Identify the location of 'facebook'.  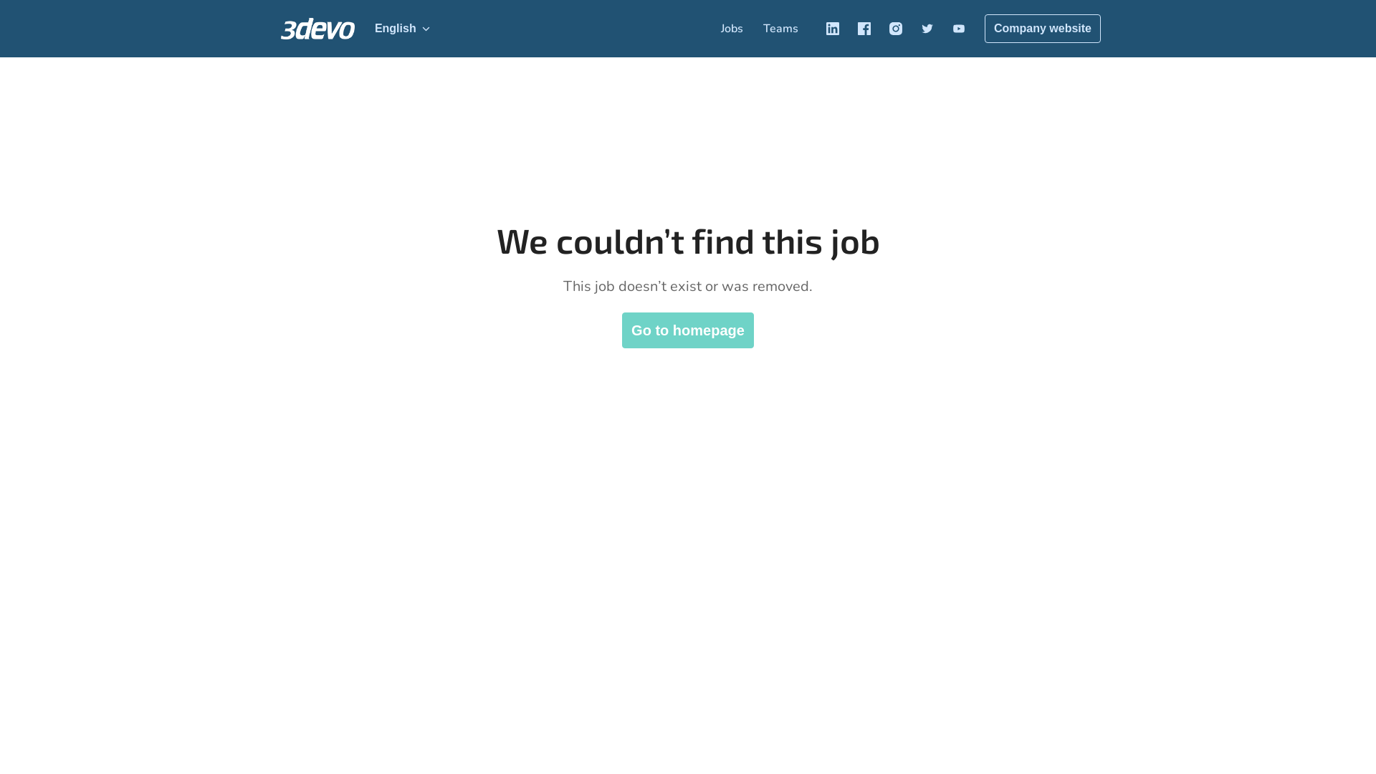
(863, 28).